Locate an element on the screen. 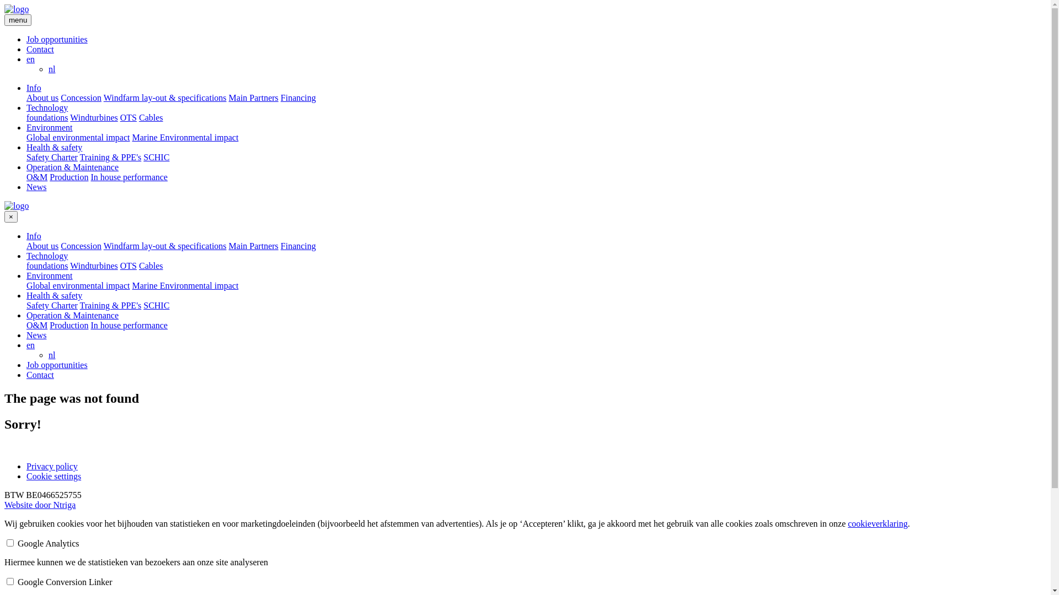  'Contact' is located at coordinates (40, 374).